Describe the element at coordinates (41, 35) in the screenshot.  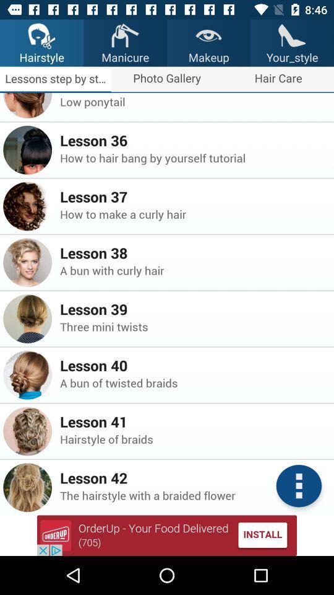
I see `the image above hairstyle` at that location.